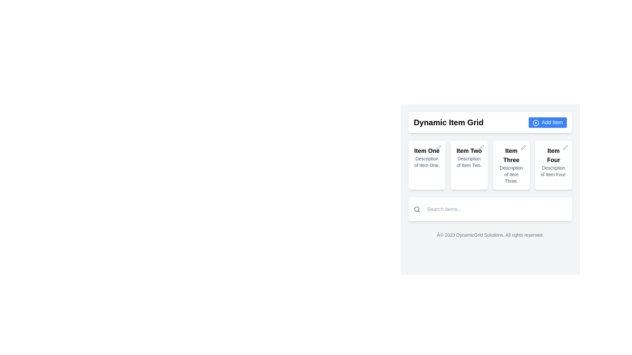 The image size is (632, 355). I want to click on the pen icon button located in the top-right corner of the card labeled 'Item Two' to initiate the edit function, so click(481, 147).